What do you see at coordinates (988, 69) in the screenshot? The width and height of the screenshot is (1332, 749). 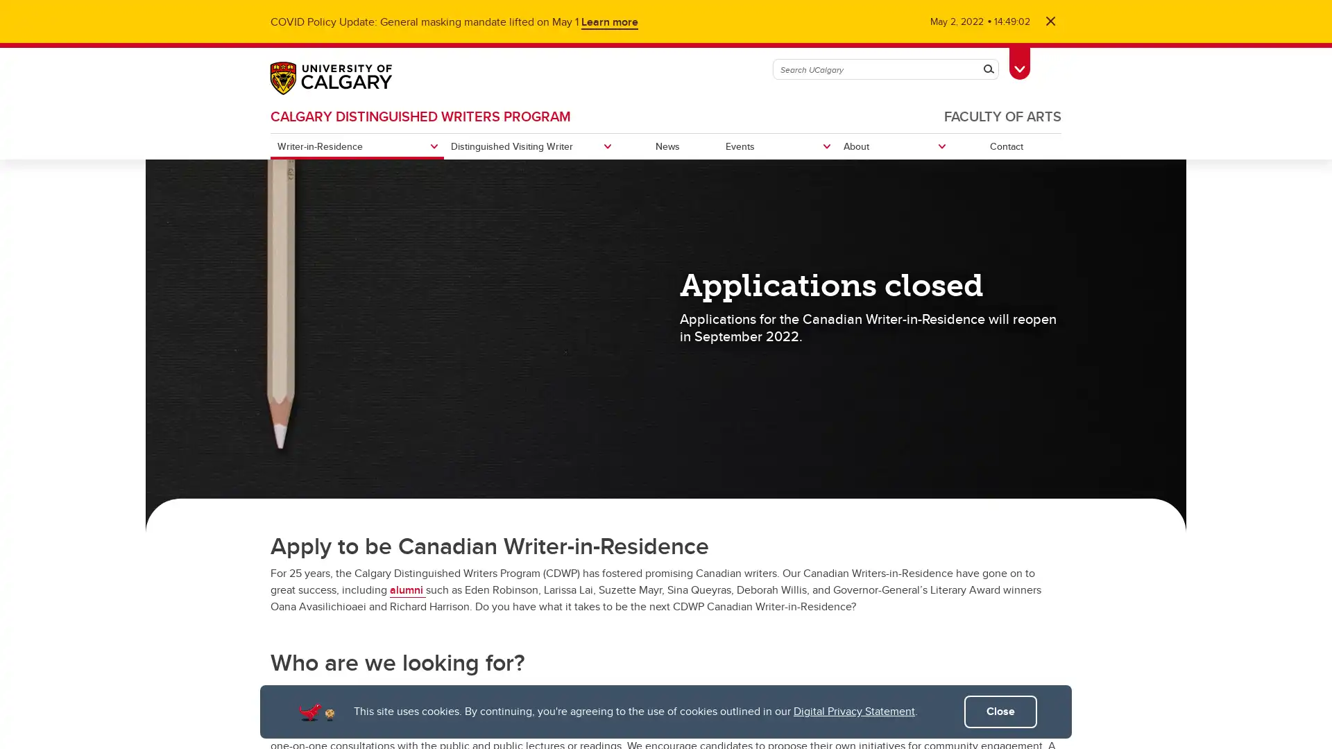 I see `Search` at bounding box center [988, 69].